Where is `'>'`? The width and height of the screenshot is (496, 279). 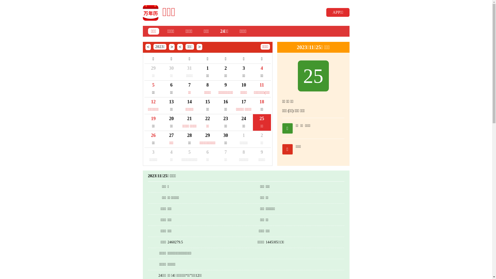
'>' is located at coordinates (196, 47).